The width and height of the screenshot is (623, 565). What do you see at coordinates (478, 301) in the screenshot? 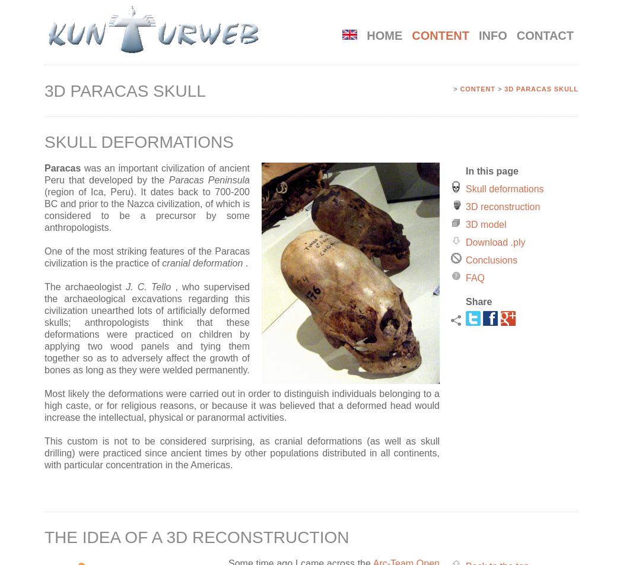
I see `'Share'` at bounding box center [478, 301].